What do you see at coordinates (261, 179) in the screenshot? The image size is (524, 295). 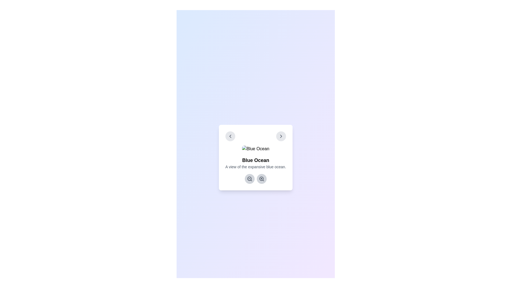 I see `the zoom-in button located centrally at the bottom of the card interface` at bounding box center [261, 179].